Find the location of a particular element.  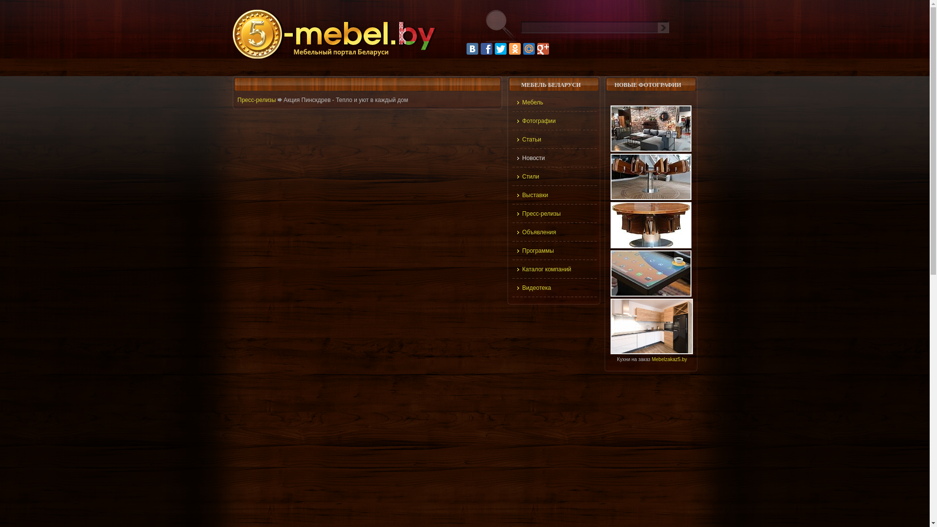

'Facebook' is located at coordinates (480, 49).